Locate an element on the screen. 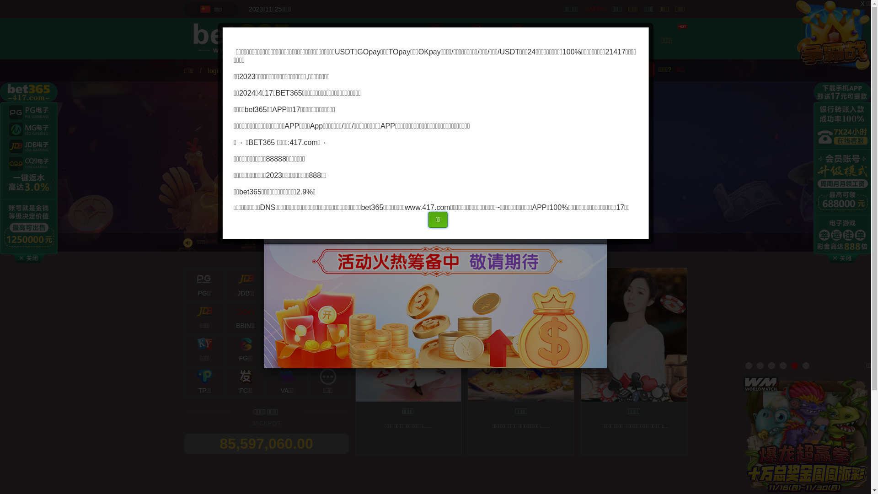 This screenshot has width=878, height=494. '1' is located at coordinates (749, 365).